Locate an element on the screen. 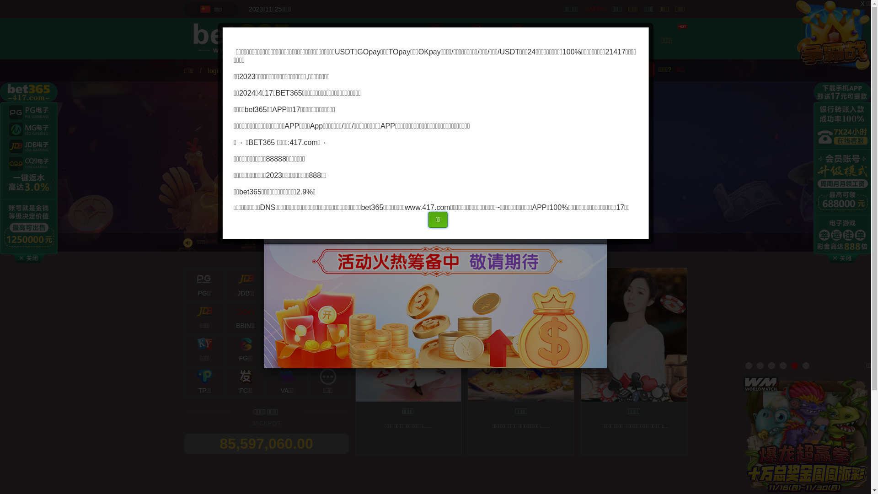 This screenshot has width=878, height=494. '1' is located at coordinates (749, 365).